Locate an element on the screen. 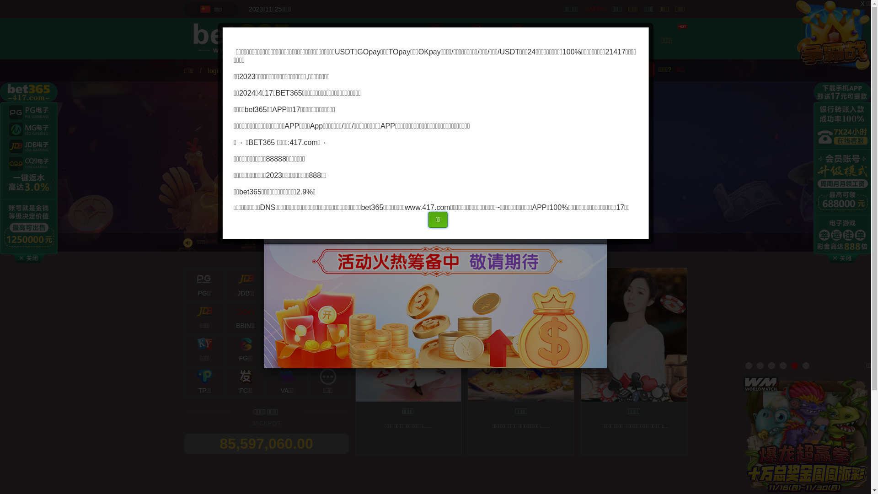 This screenshot has width=878, height=494. '1' is located at coordinates (749, 365).